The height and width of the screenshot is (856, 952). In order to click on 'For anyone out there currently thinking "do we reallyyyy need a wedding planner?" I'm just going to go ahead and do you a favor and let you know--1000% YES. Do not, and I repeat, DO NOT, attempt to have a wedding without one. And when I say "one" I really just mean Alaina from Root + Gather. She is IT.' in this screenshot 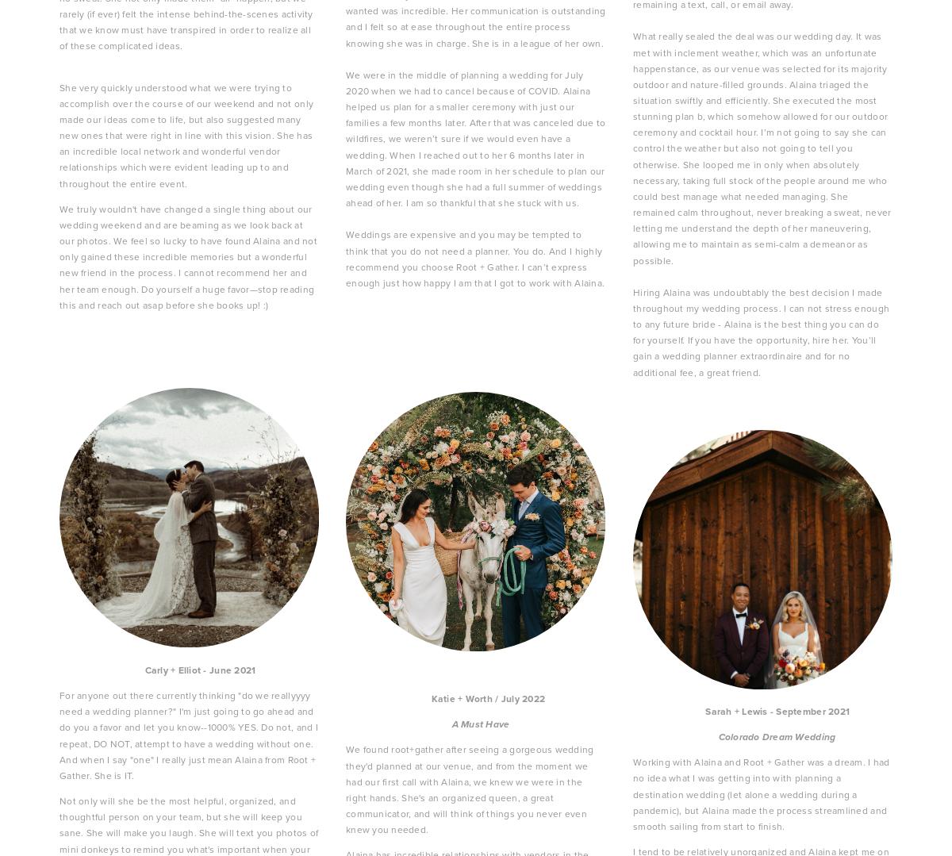, I will do `click(189, 735)`.